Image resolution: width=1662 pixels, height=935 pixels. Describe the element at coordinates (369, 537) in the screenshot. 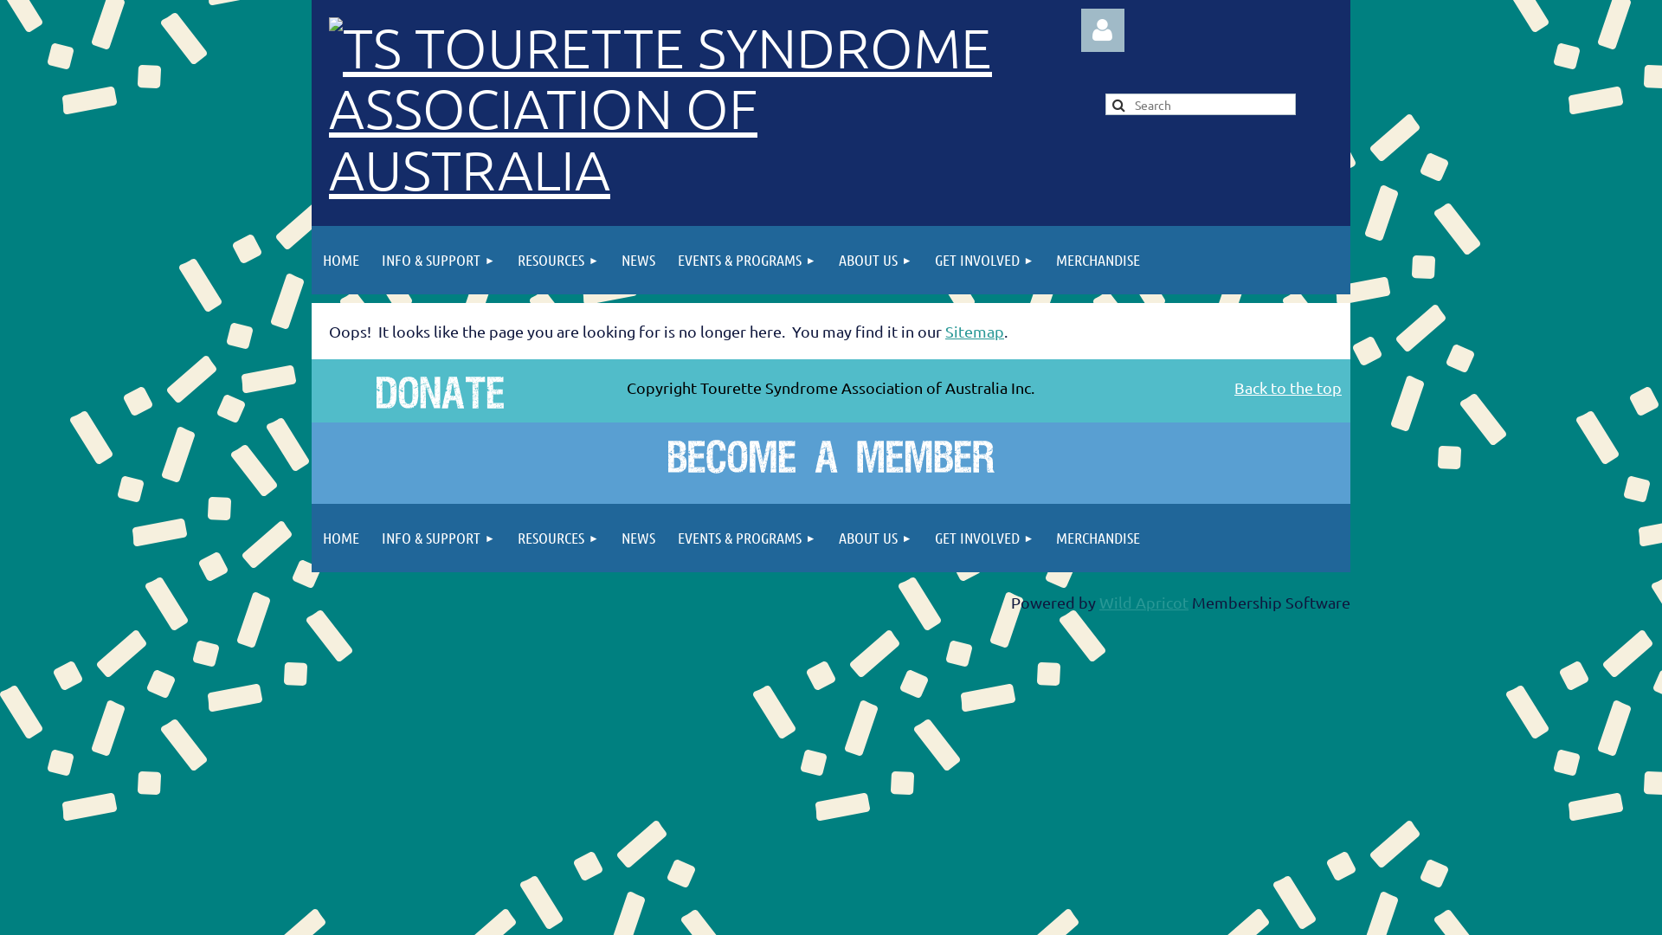

I see `'INFO & SUPPORT'` at that location.